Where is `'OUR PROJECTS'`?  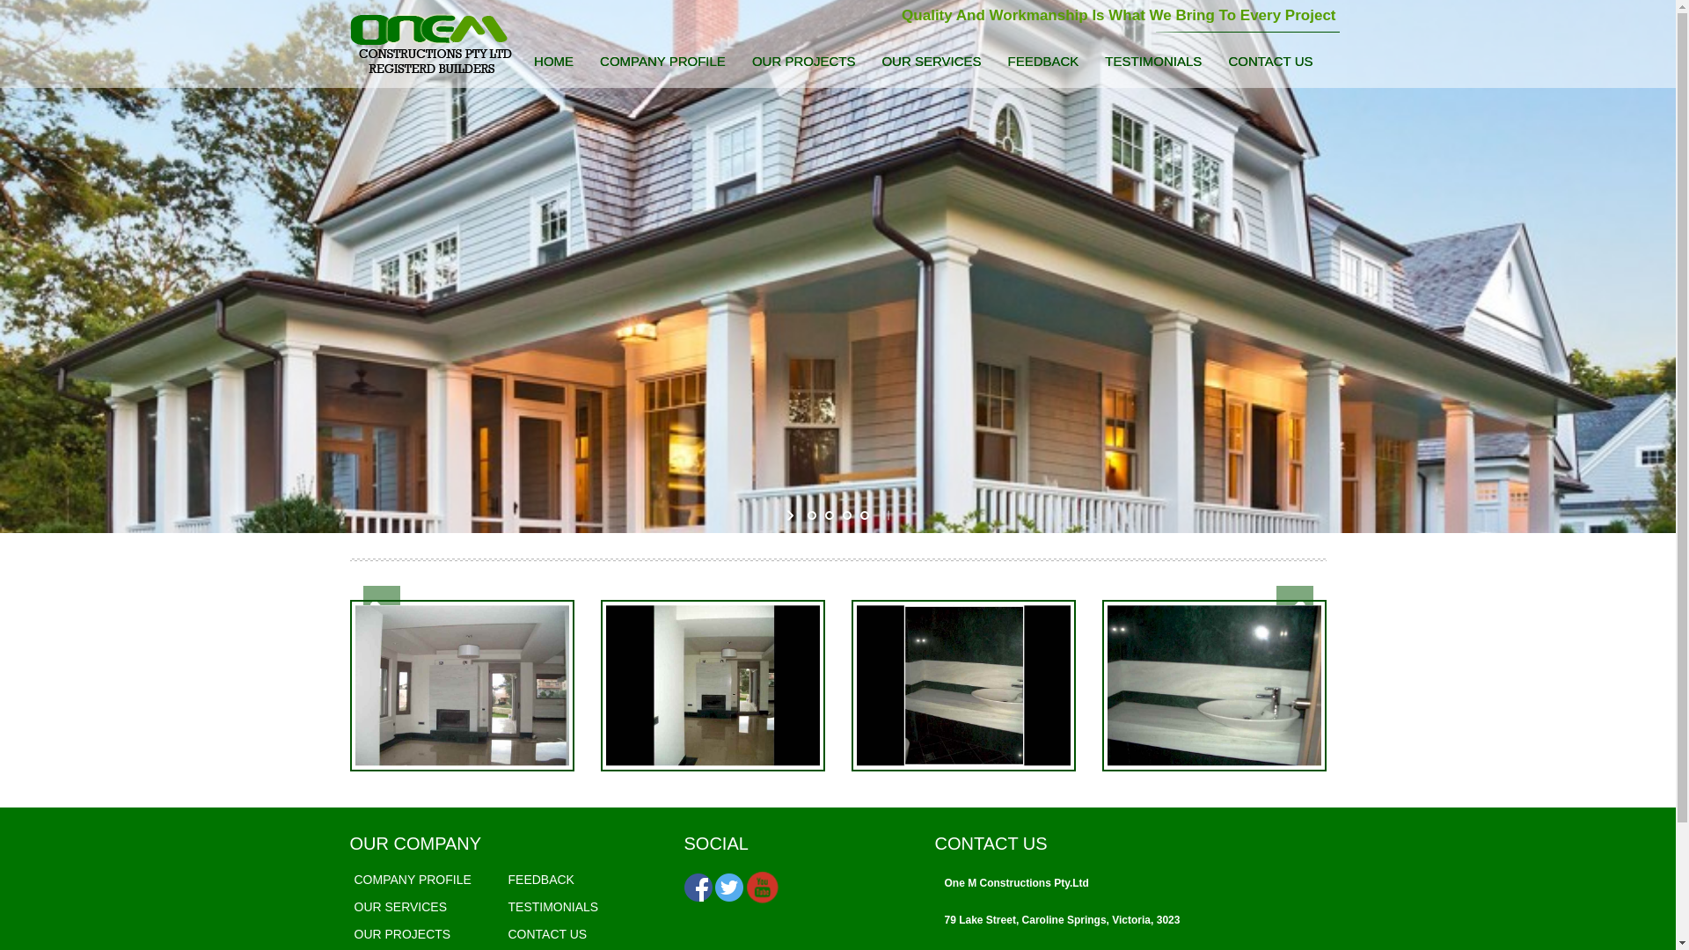
'OUR PROJECTS' is located at coordinates (739, 63).